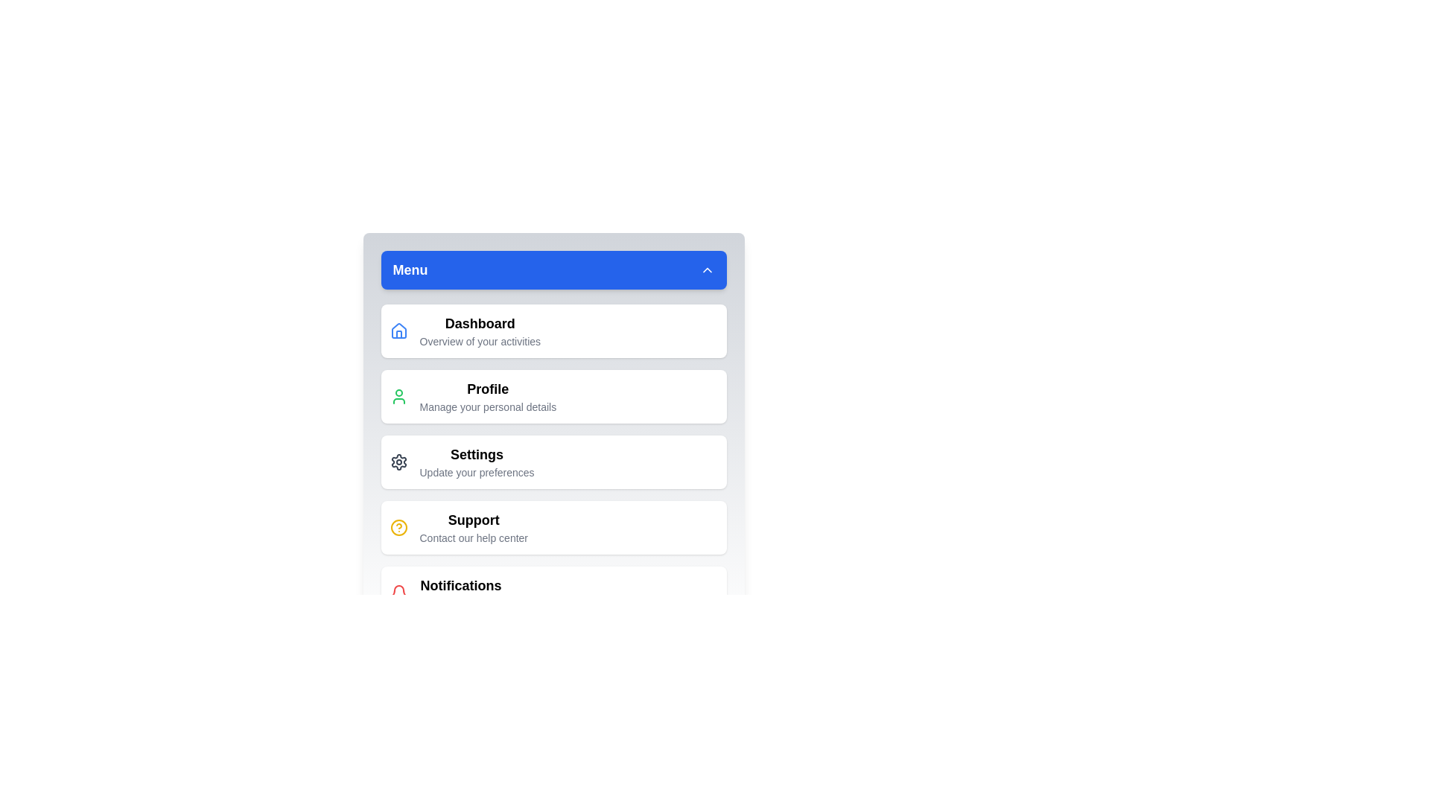 The height and width of the screenshot is (804, 1430). I want to click on the 'Settings' label, which is the third entry in the vertical menu list, styled with bold text and a larger font size, located above the descriptive text 'Update your preferences', so click(477, 453).